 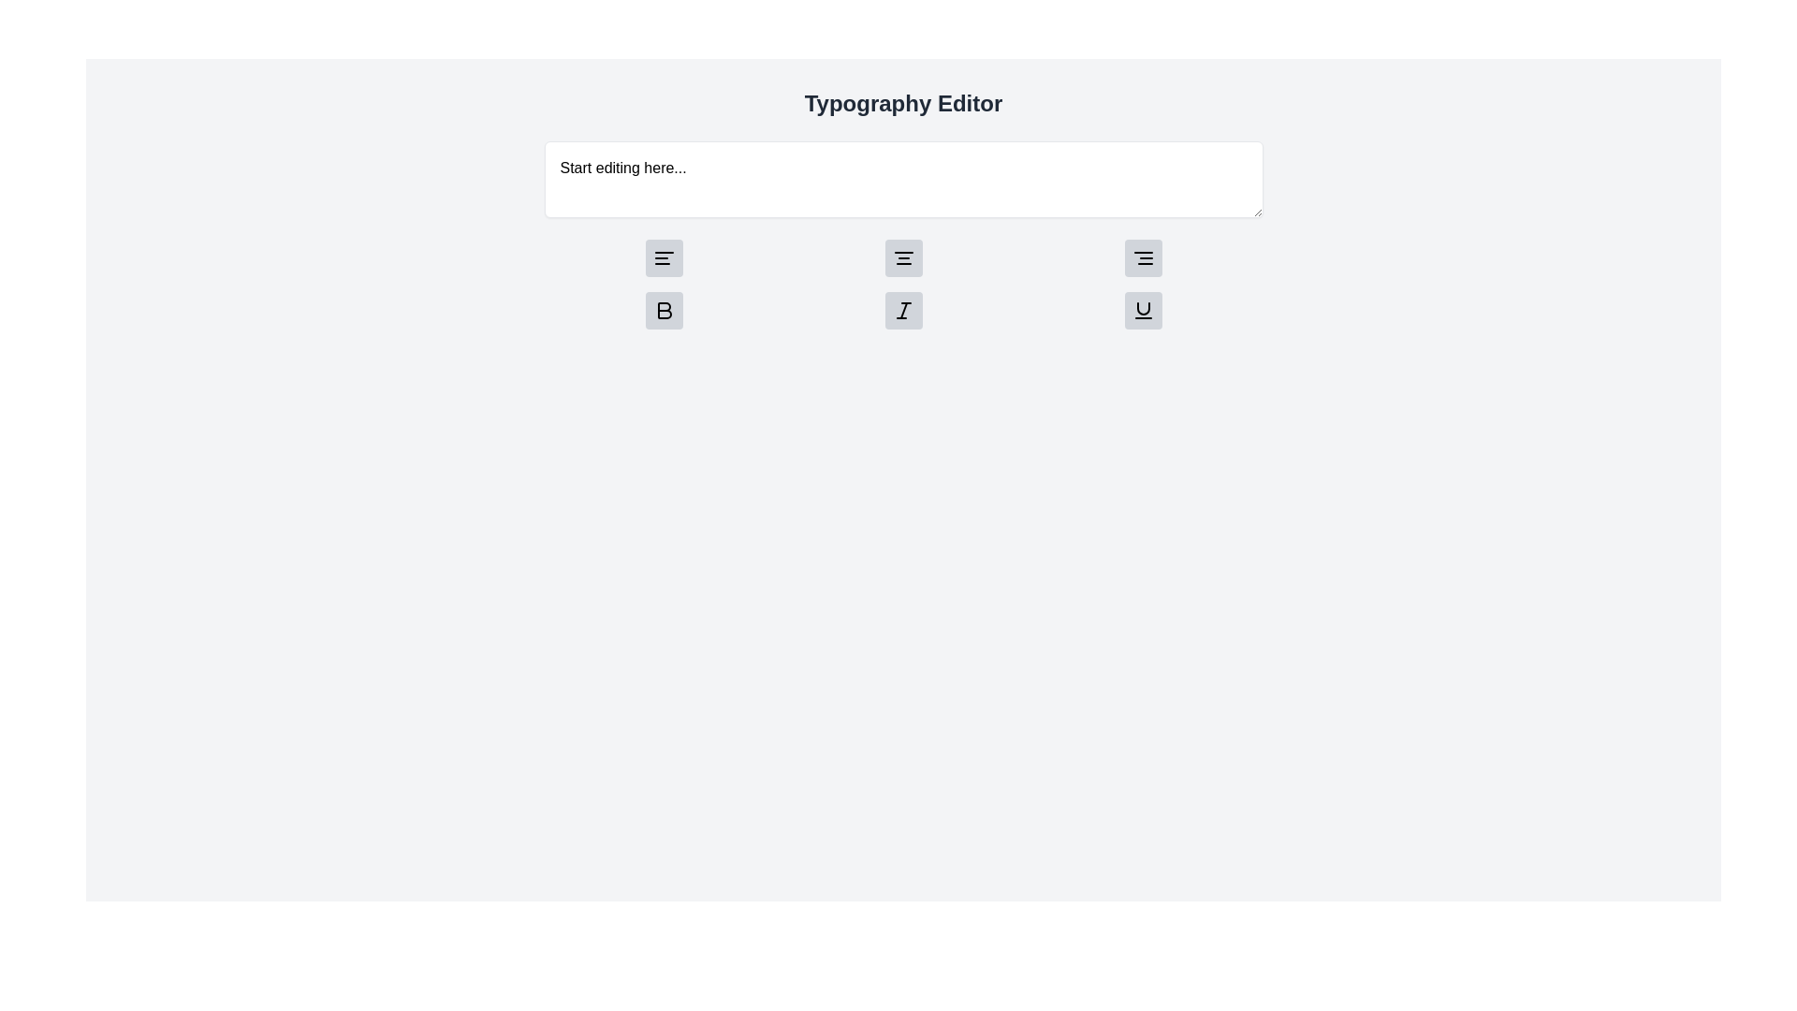 What do you see at coordinates (903, 309) in the screenshot?
I see `keyboard navigation` at bounding box center [903, 309].